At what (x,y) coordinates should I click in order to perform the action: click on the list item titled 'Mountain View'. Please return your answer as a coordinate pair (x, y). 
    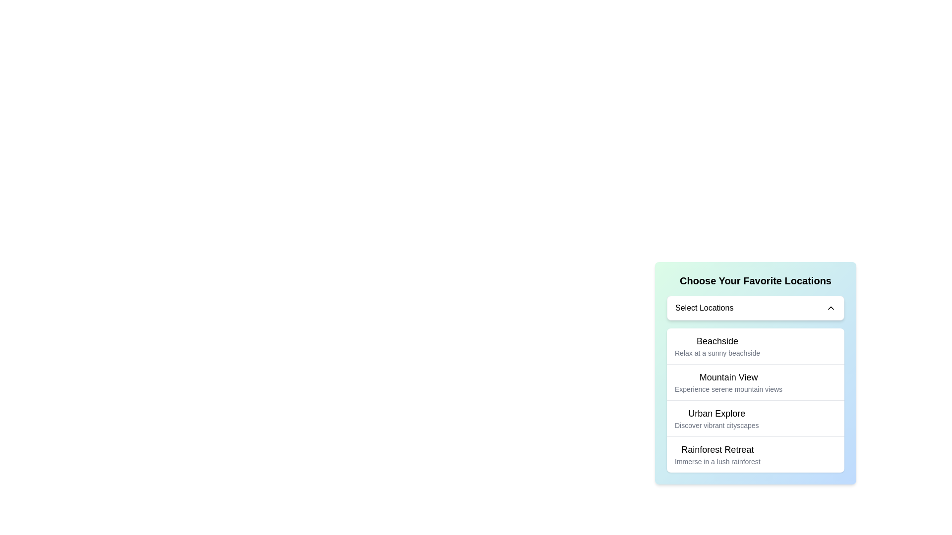
    Looking at the image, I should click on (755, 381).